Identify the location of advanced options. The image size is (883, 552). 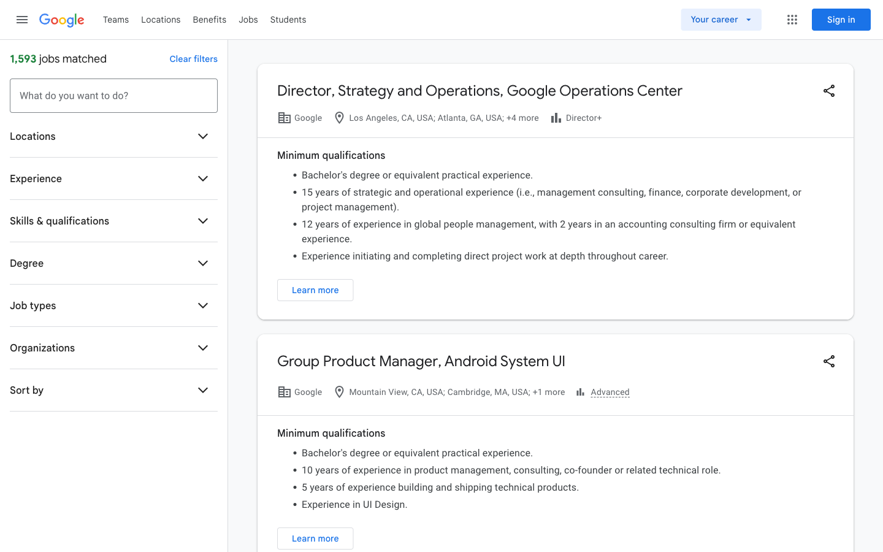
(602, 392).